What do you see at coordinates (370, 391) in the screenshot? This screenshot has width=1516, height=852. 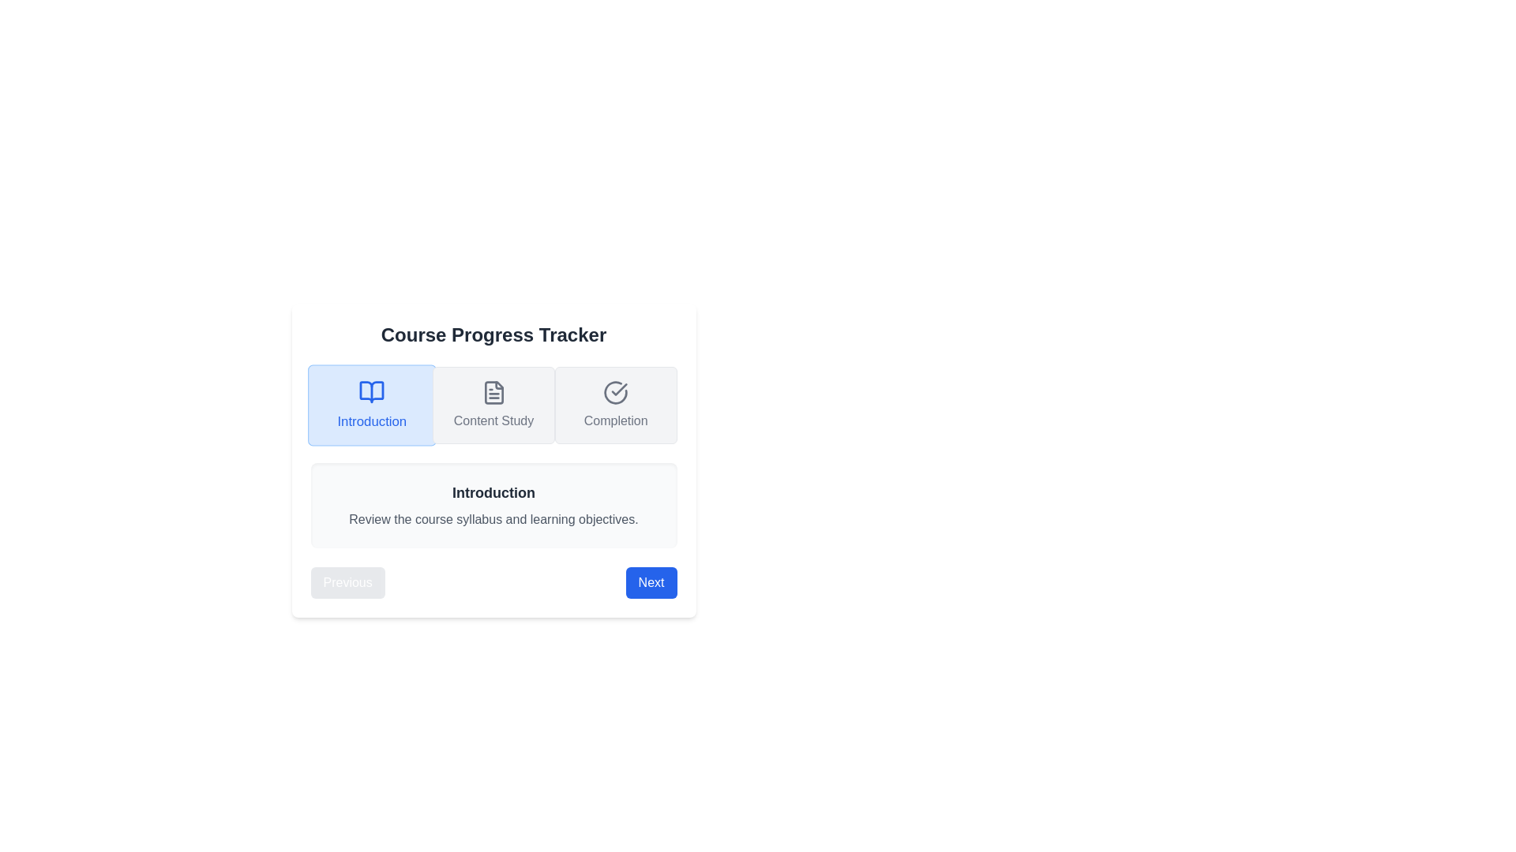 I see `the 'Introduction' tab represented by the right-hand side of a book icon illustration within the blue-highlighted card in the 'Course Progress Tracker' section` at bounding box center [370, 391].